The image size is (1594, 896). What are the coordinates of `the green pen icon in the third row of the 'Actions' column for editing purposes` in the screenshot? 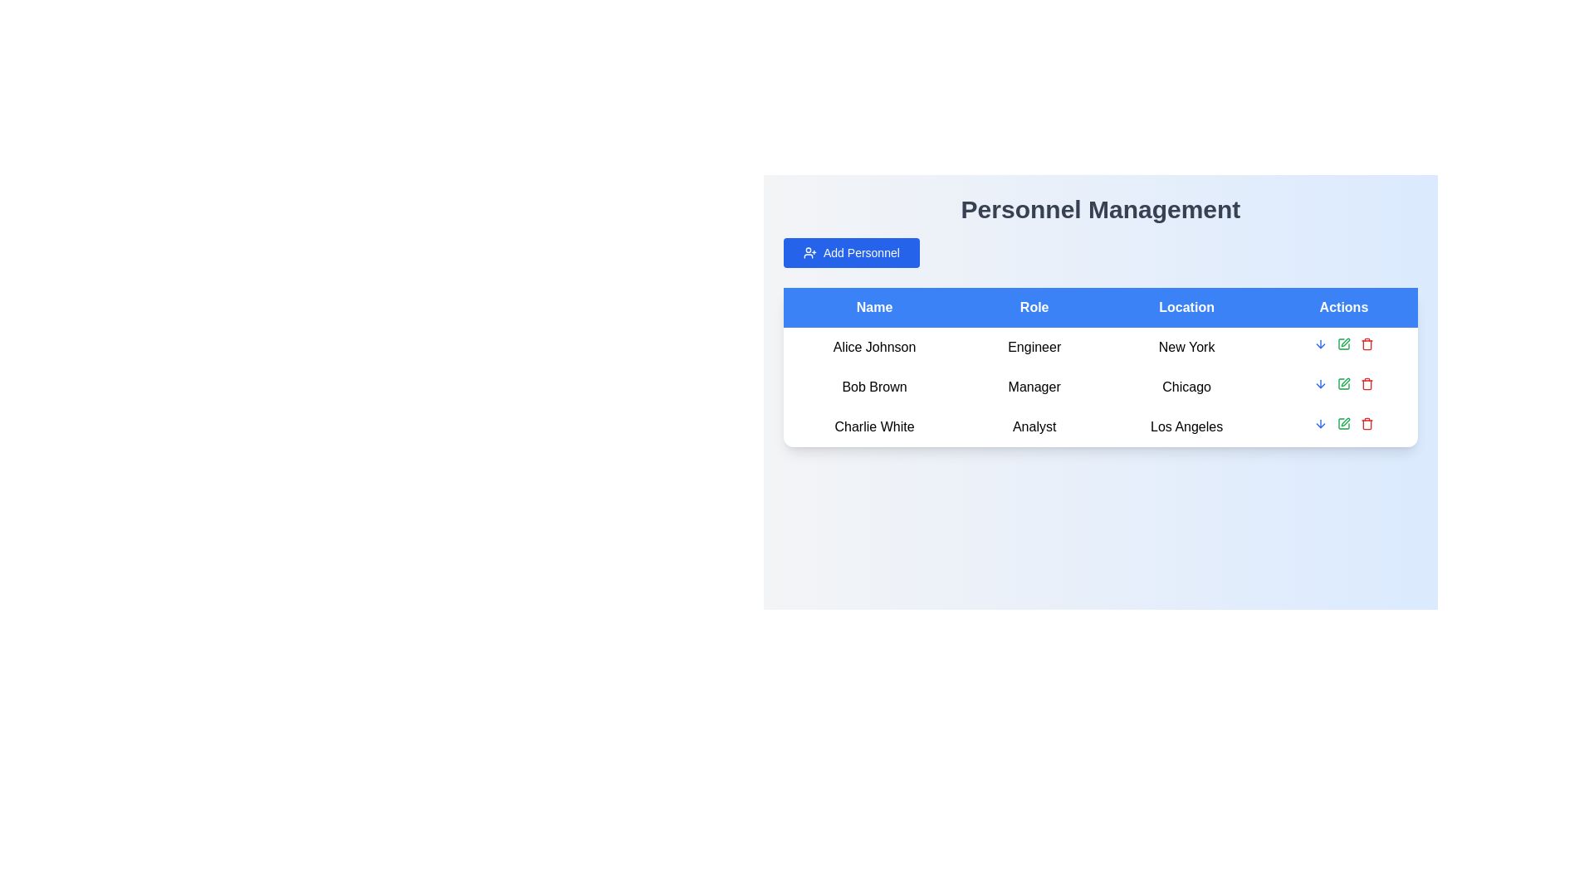 It's located at (1343, 422).